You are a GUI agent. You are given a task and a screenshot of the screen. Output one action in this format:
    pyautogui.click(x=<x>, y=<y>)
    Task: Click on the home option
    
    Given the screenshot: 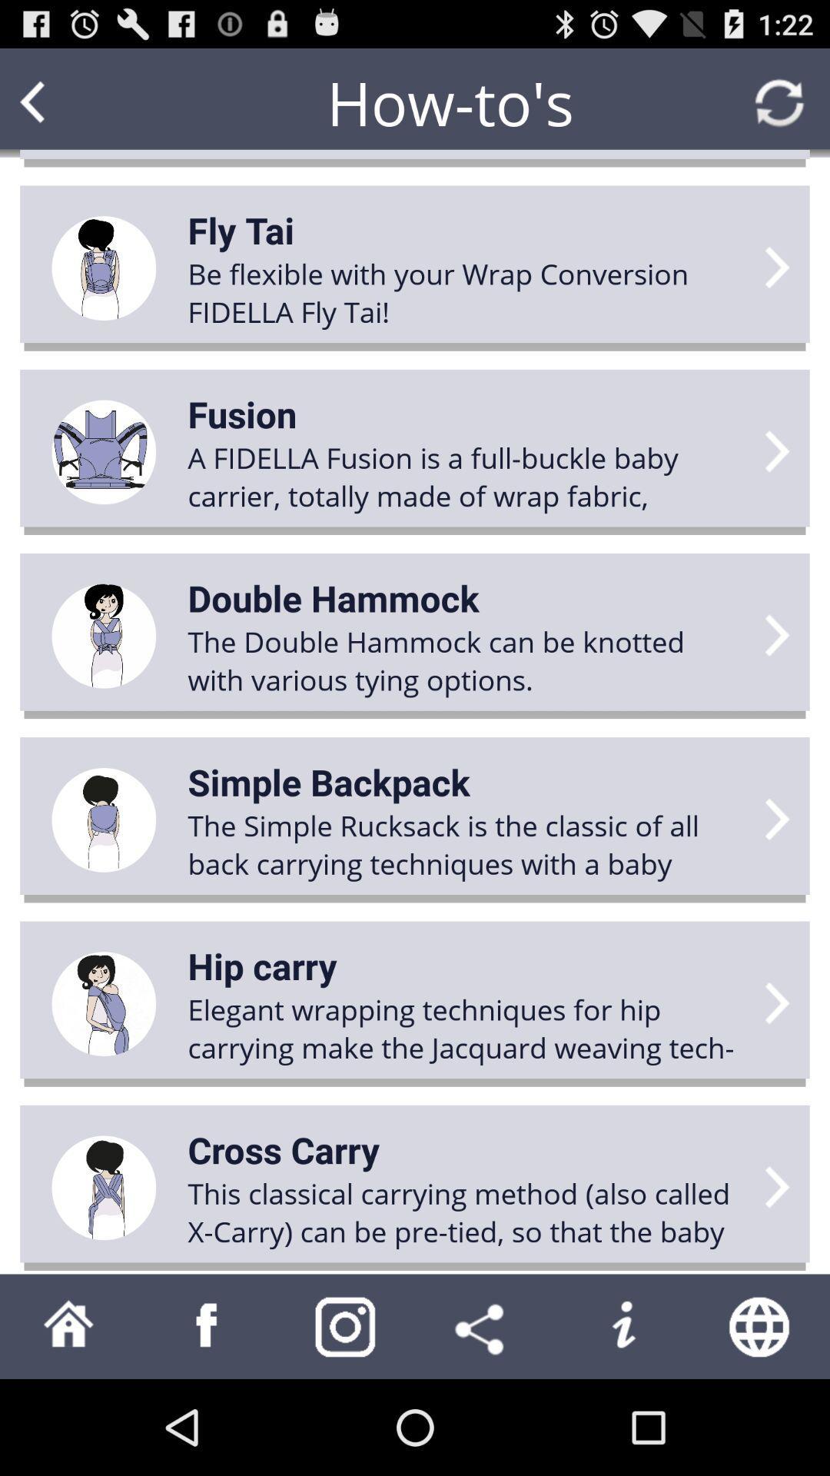 What is the action you would take?
    pyautogui.click(x=68, y=1325)
    